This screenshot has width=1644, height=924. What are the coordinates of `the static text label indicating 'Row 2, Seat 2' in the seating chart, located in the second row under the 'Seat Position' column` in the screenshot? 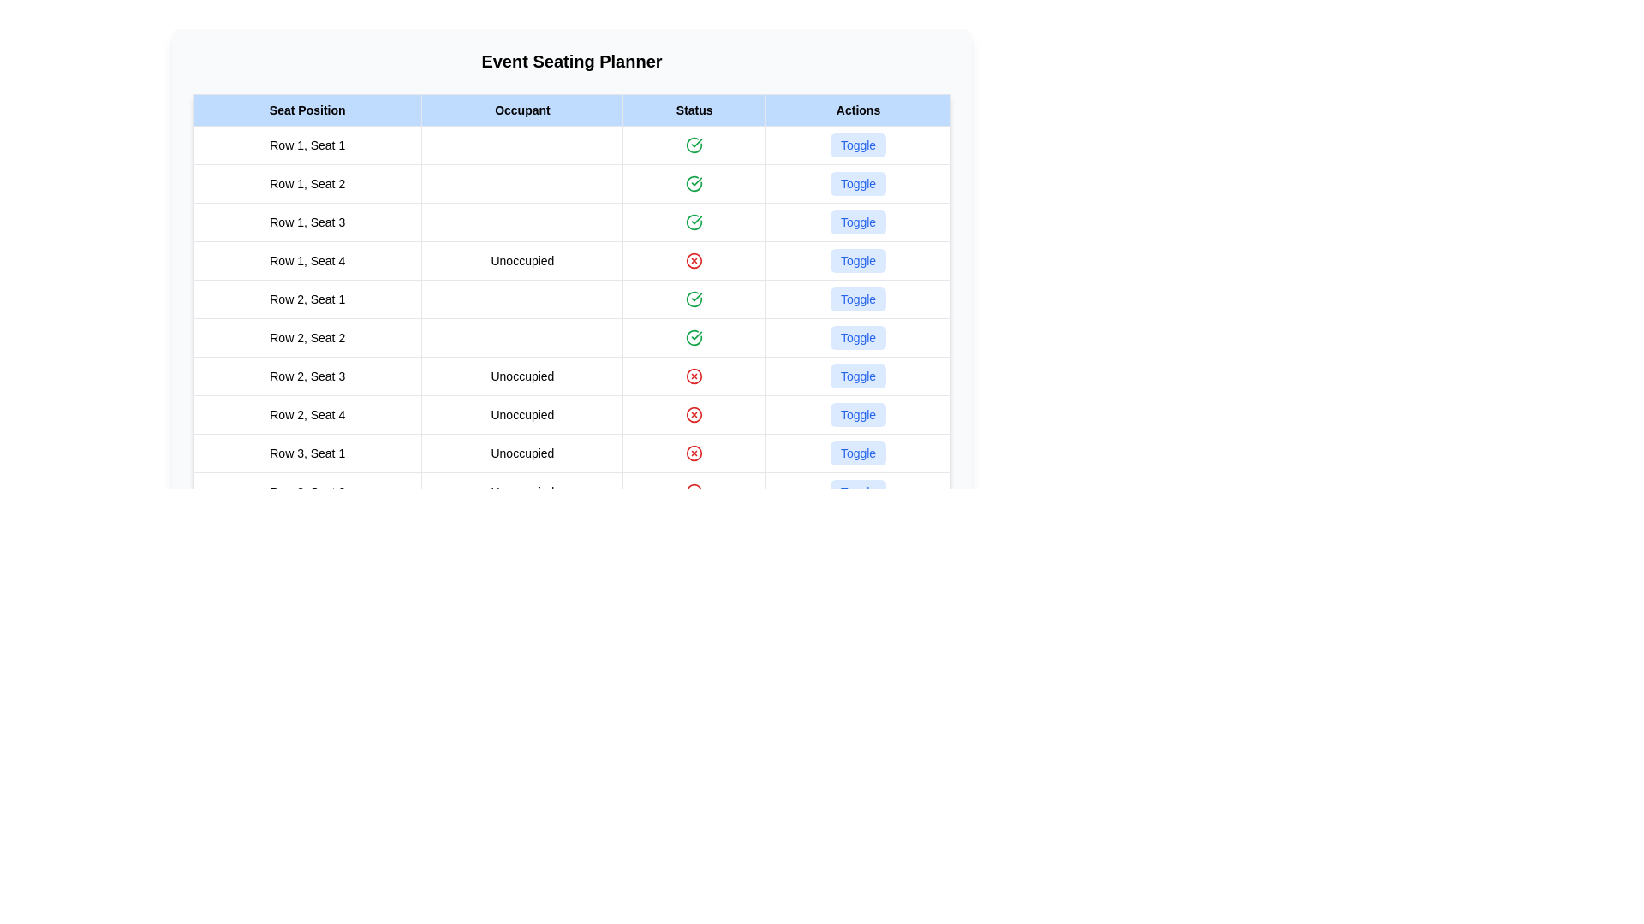 It's located at (307, 337).